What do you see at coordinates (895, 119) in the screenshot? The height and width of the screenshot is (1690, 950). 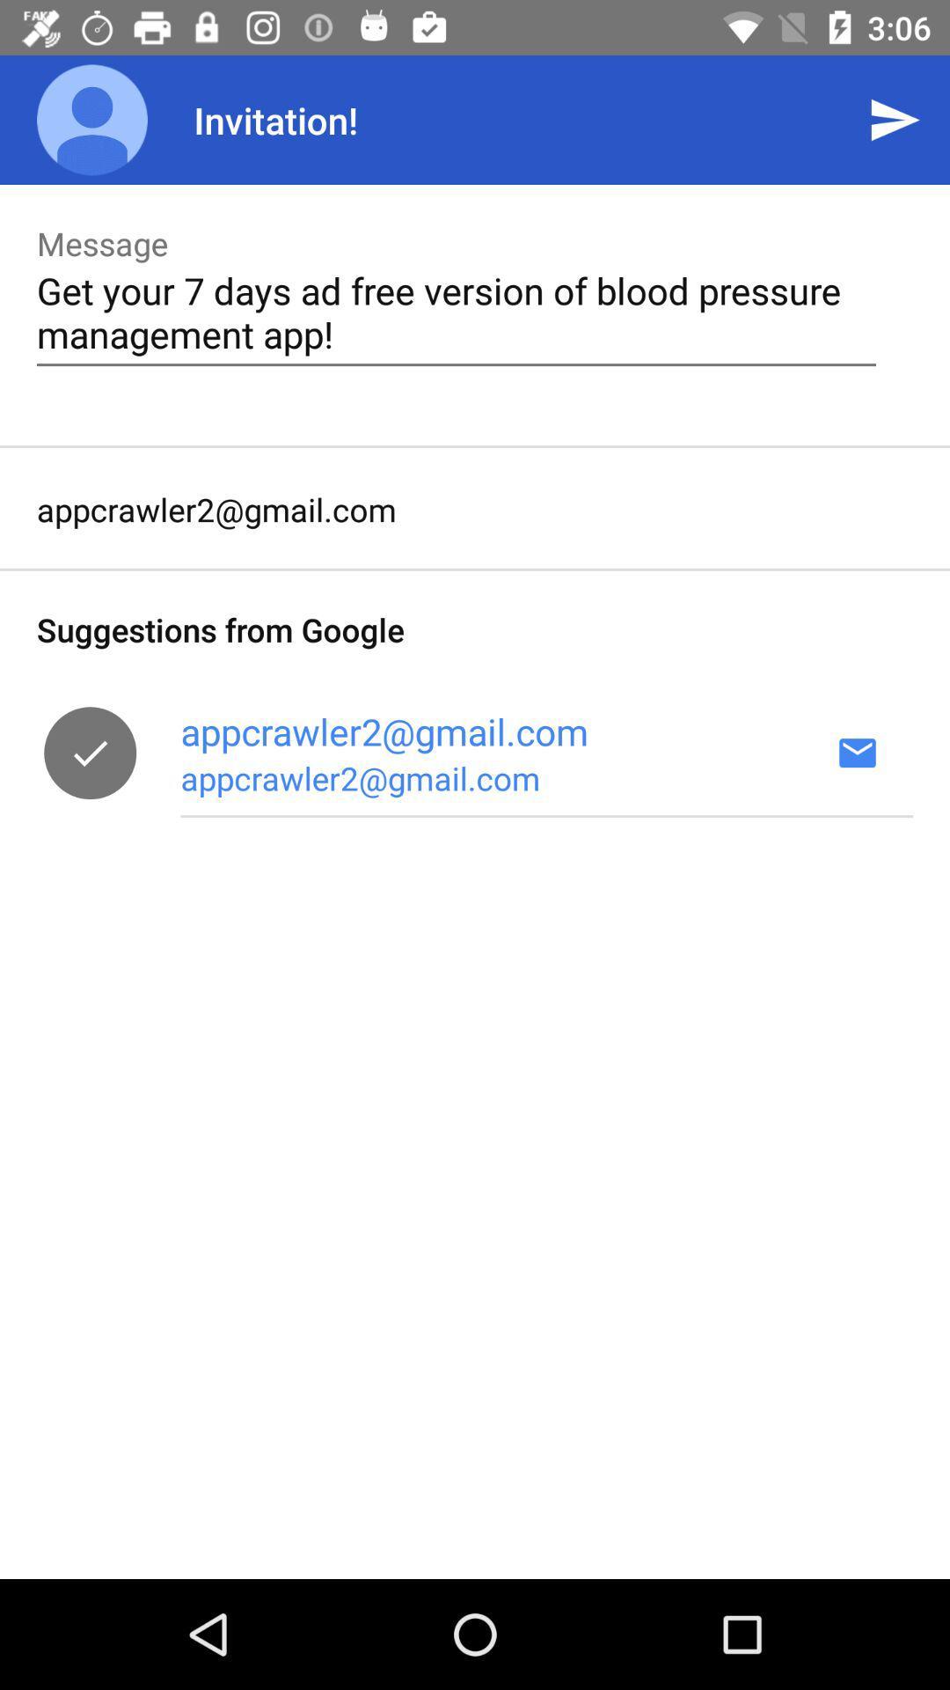 I see `the app to the right of invitation! icon` at bounding box center [895, 119].